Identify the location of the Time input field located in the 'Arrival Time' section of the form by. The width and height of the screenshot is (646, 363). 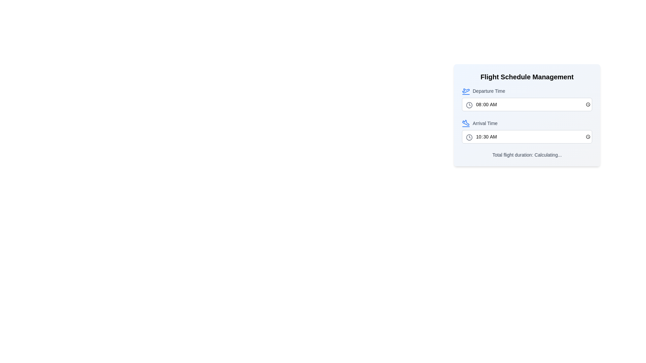
(527, 136).